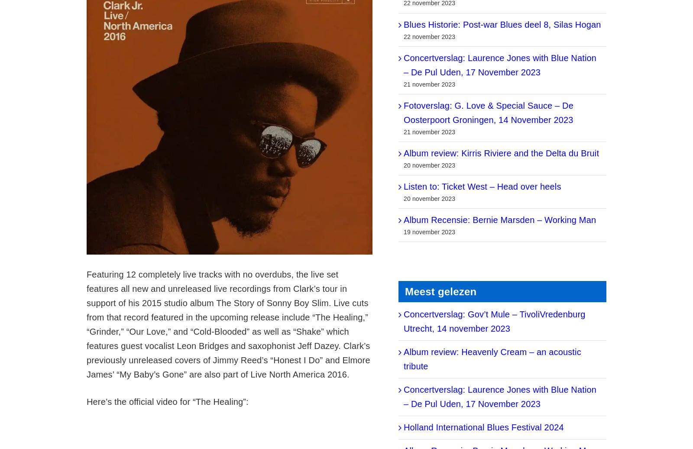 The height and width of the screenshot is (449, 693). Describe the element at coordinates (440, 291) in the screenshot. I see `'Meest gelezen'` at that location.